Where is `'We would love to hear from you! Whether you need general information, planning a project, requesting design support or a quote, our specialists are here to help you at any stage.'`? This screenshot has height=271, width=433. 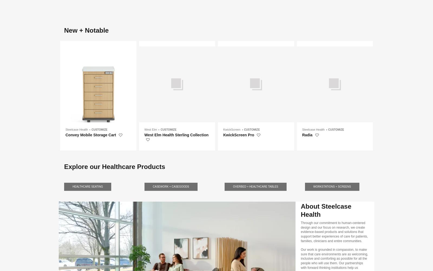
'We would love to hear from you! Whether you need general information, planning a project, requesting design support or a quote, our specialists are here to help you at any stage.' is located at coordinates (182, 62).